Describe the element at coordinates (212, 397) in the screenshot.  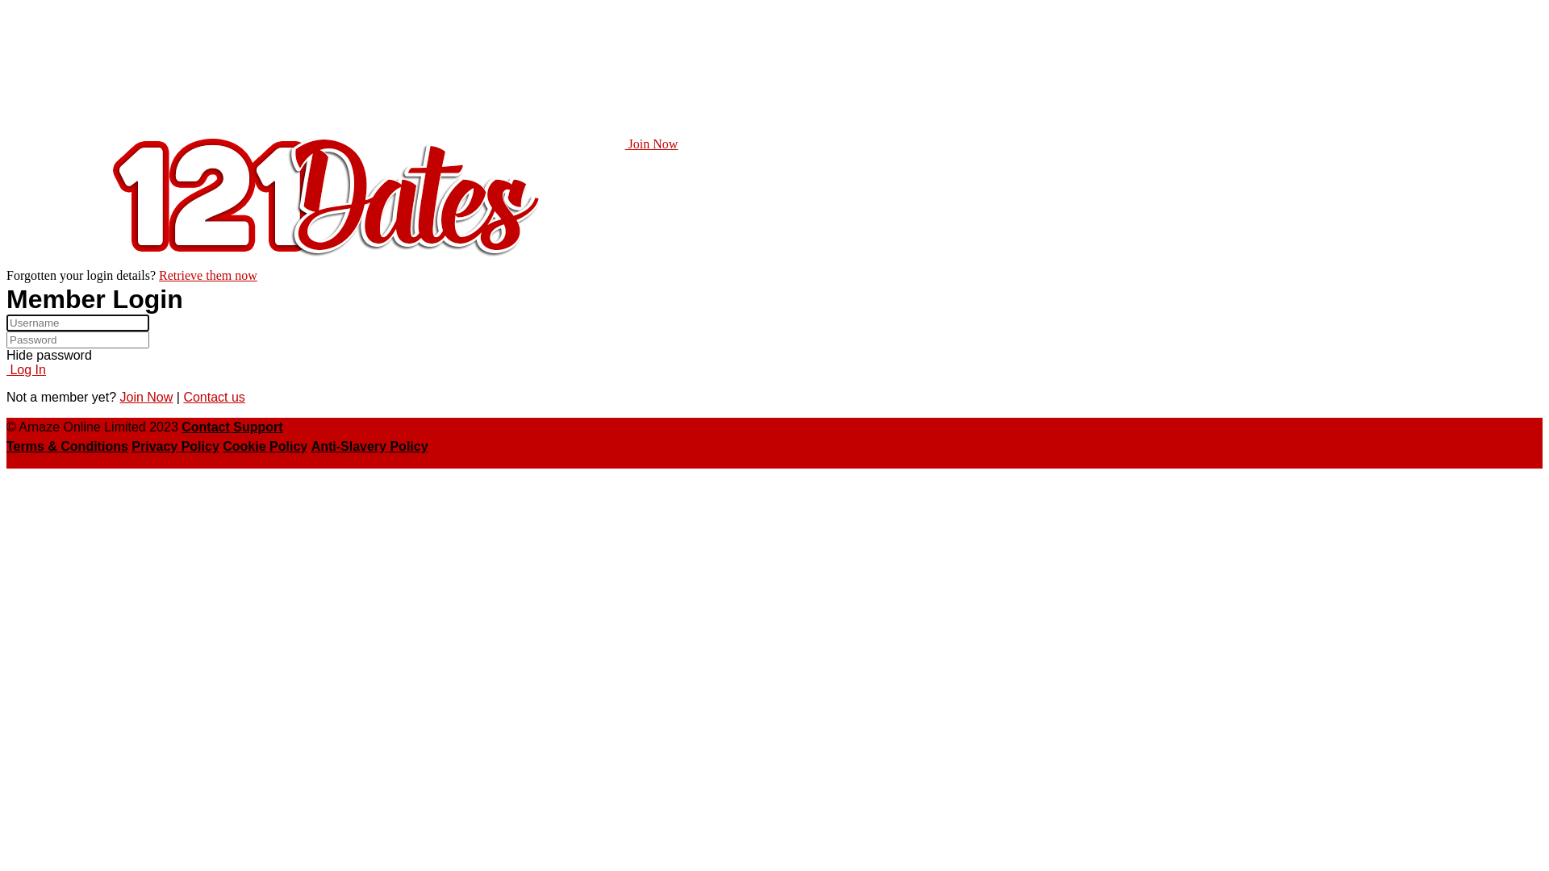
I see `'Contact us'` at that location.